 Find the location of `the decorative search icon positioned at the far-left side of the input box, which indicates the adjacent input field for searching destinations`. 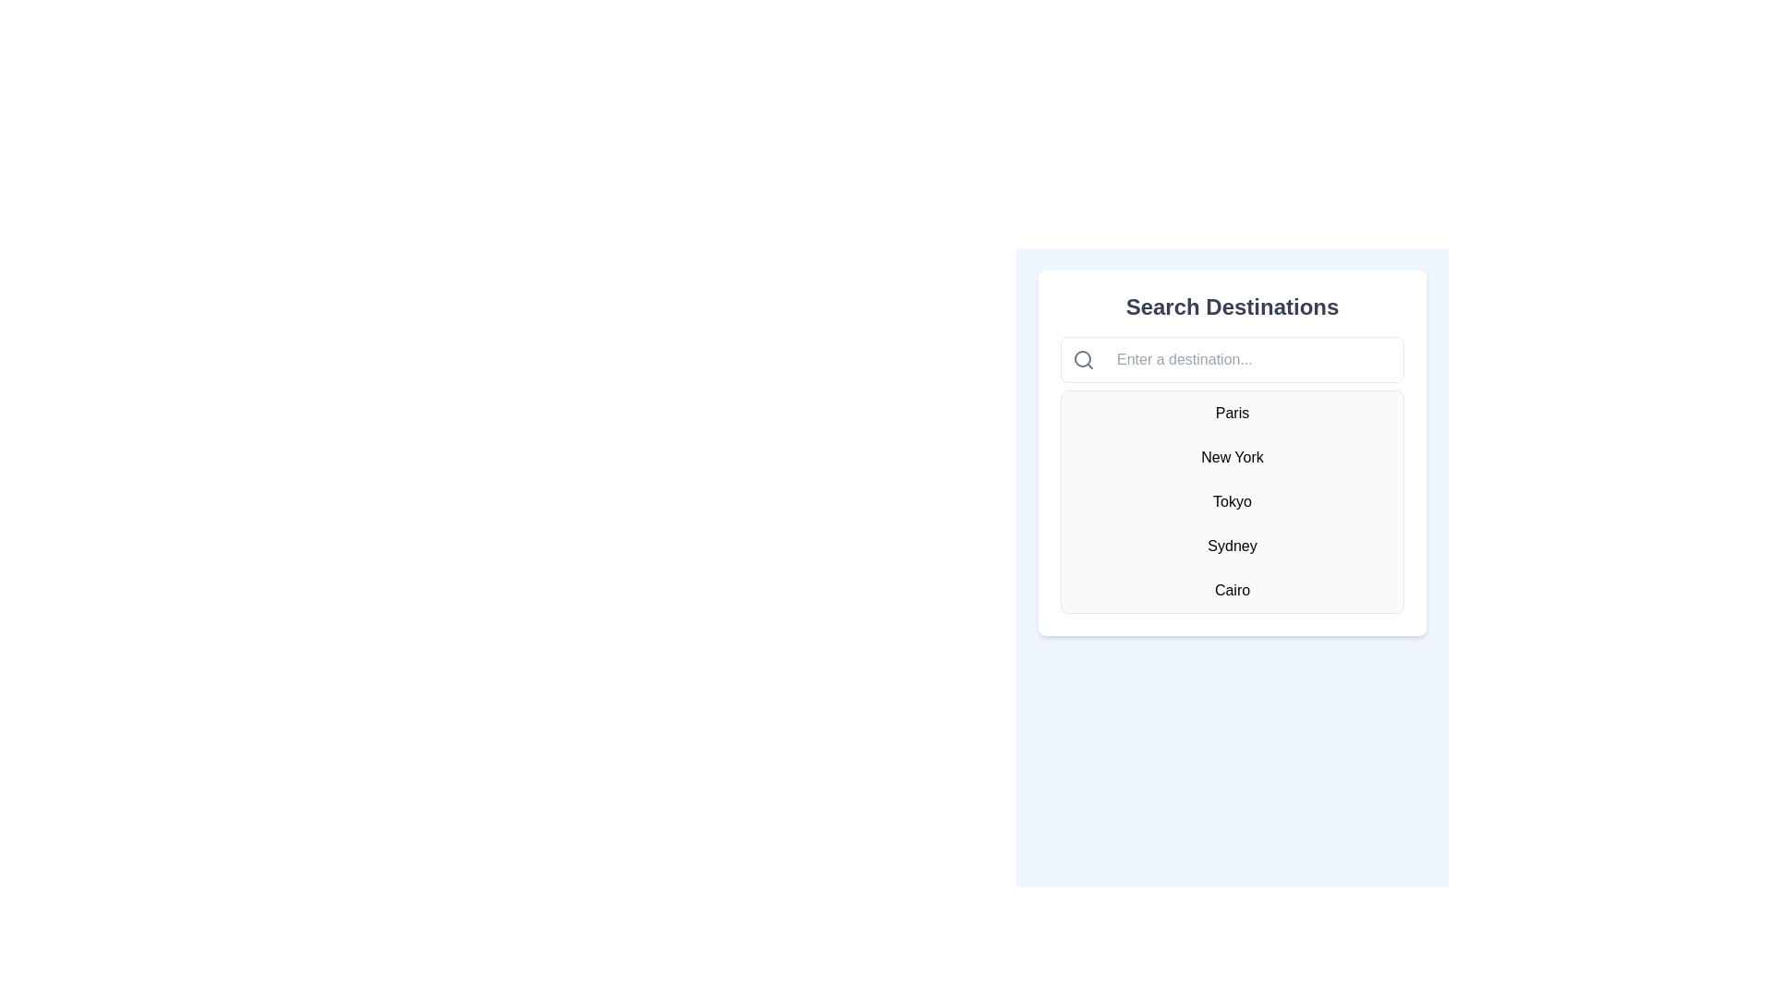

the decorative search icon positioned at the far-left side of the input box, which indicates the adjacent input field for searching destinations is located at coordinates (1083, 359).